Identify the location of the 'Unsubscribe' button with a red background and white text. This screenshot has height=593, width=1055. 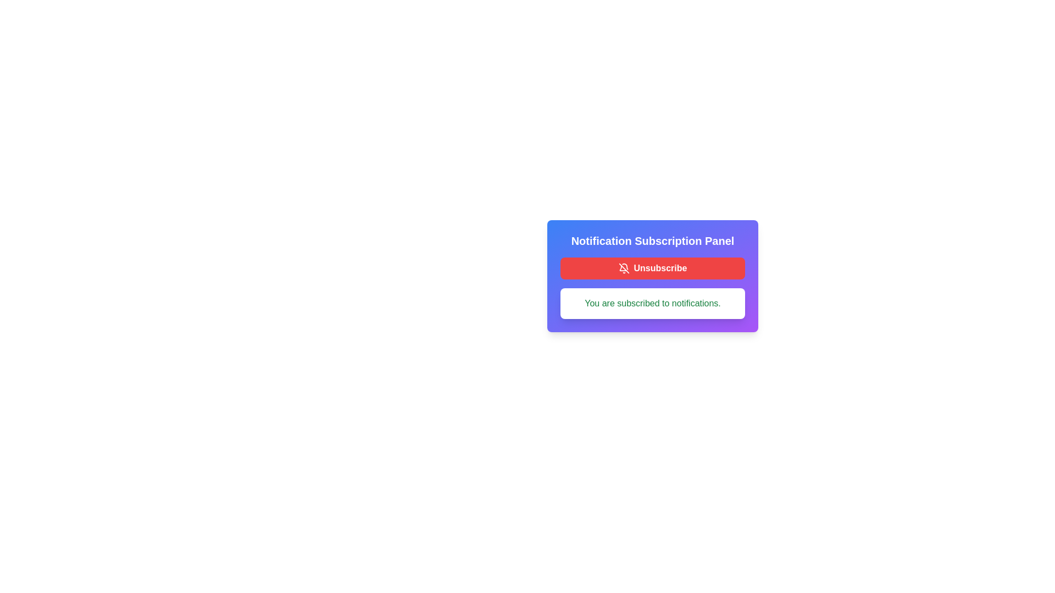
(653, 268).